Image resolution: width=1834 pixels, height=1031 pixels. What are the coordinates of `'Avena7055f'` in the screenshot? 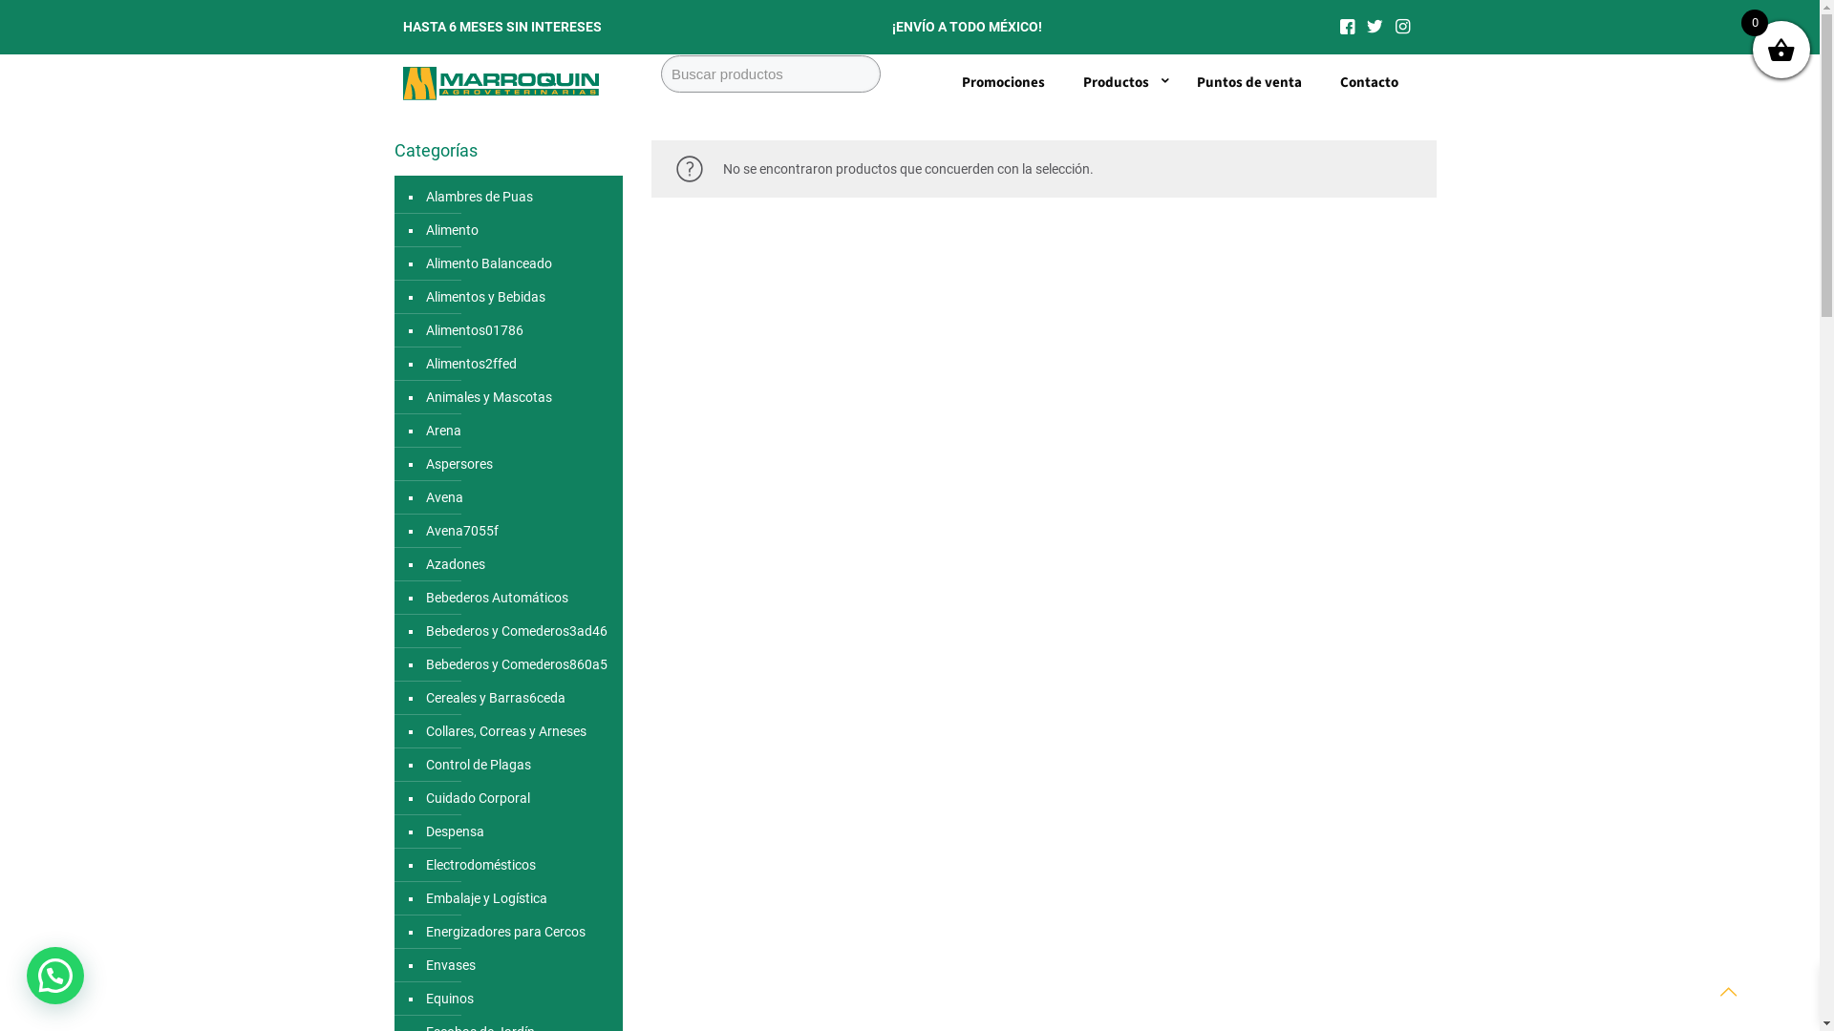 It's located at (518, 531).